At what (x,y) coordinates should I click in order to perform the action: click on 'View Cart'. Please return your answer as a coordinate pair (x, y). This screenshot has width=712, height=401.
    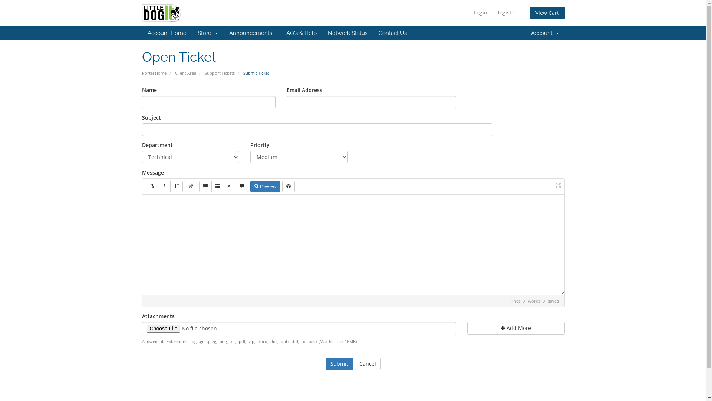
    Looking at the image, I should click on (547, 13).